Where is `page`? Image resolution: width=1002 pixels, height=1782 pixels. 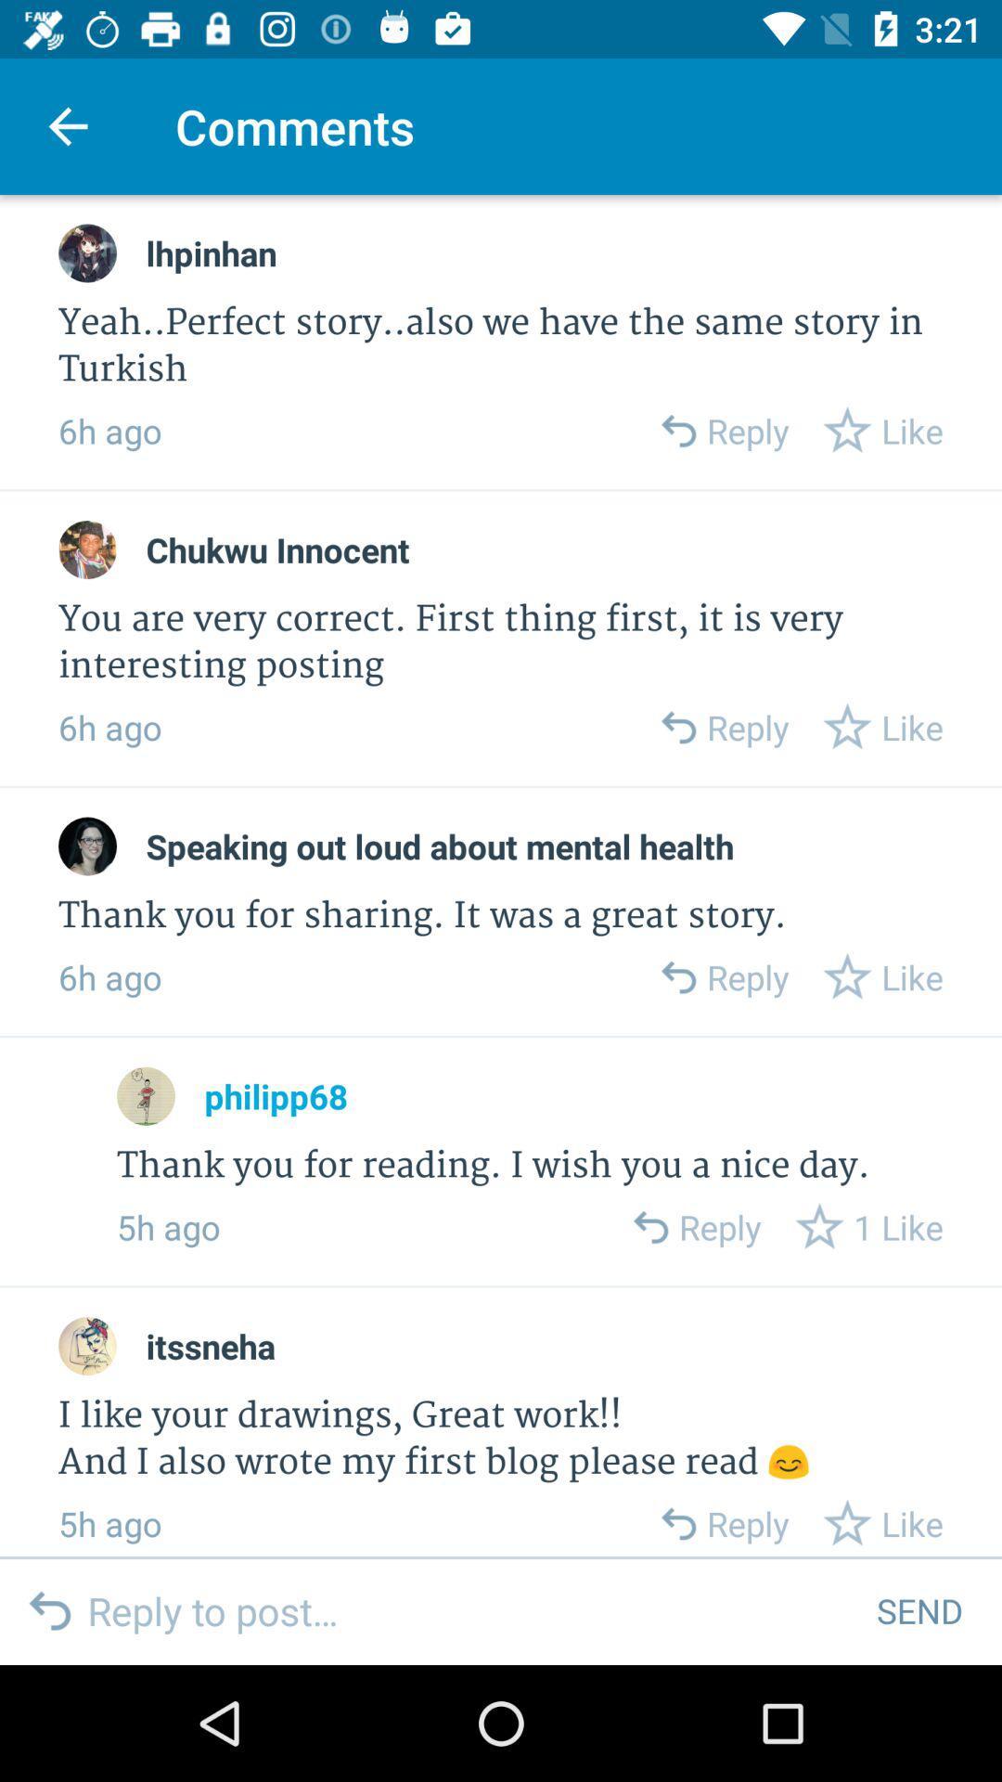 page is located at coordinates (87, 846).